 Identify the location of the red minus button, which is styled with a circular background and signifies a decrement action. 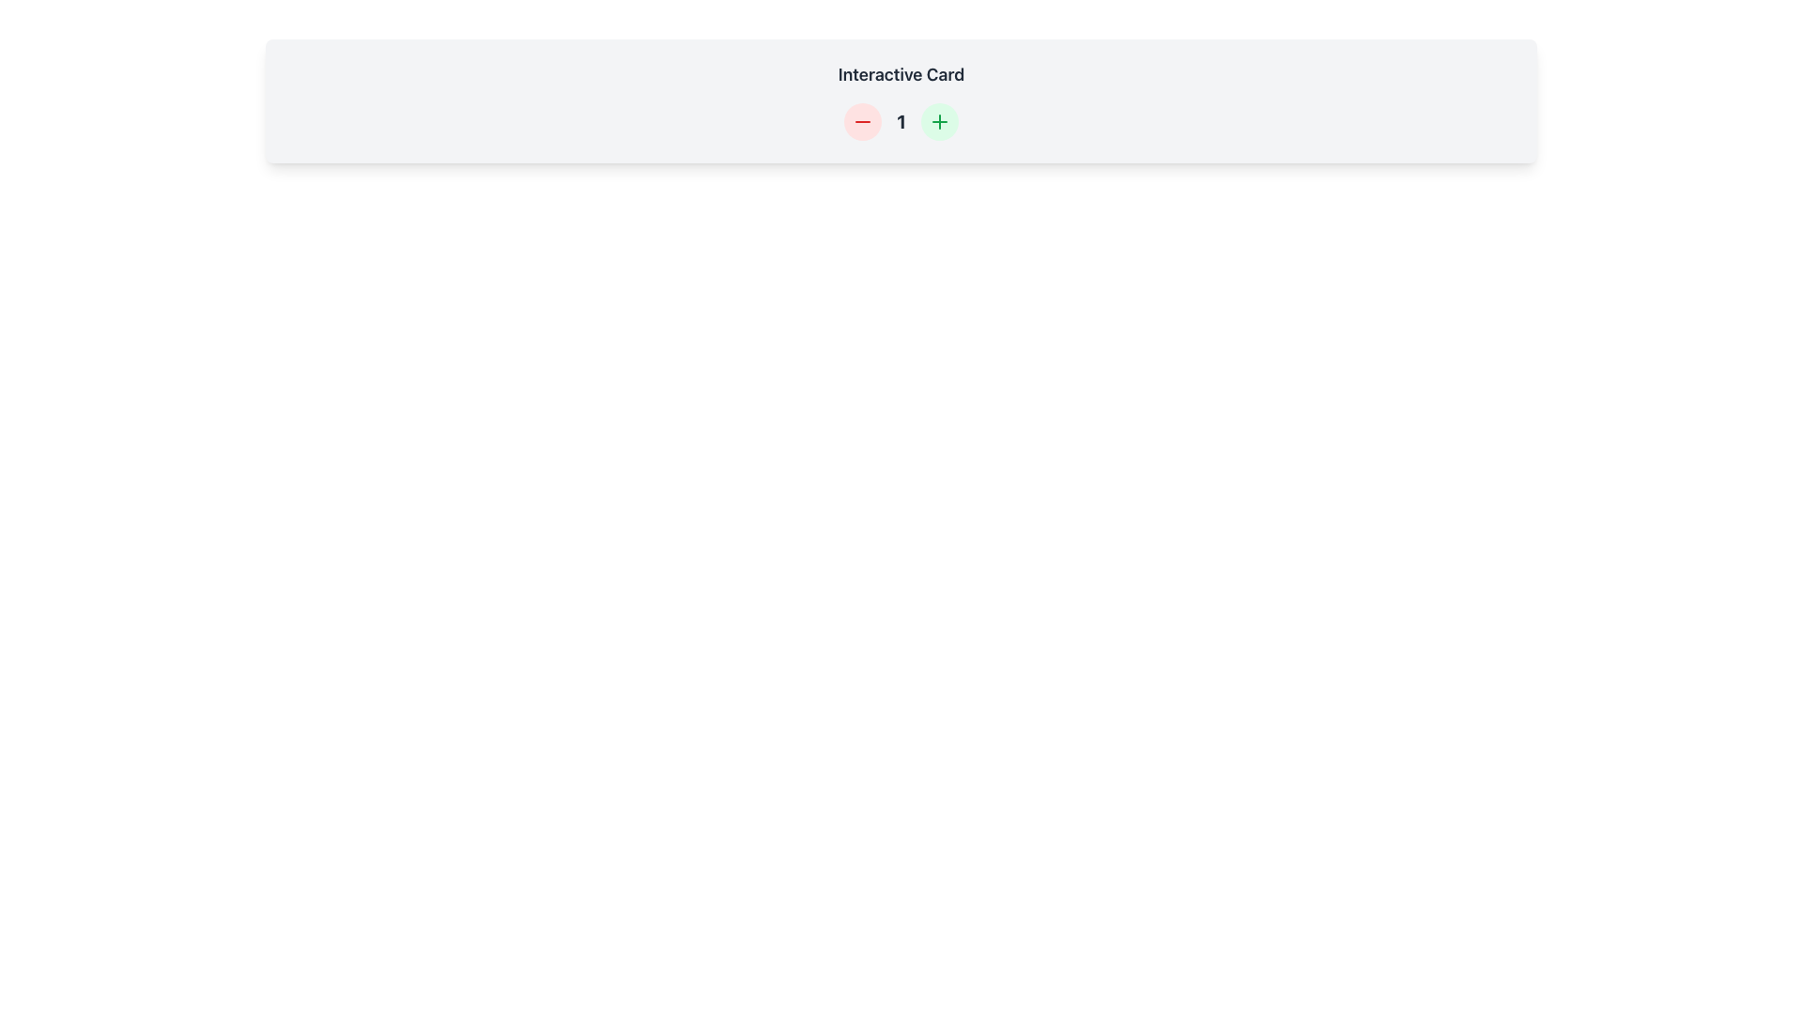
(862, 122).